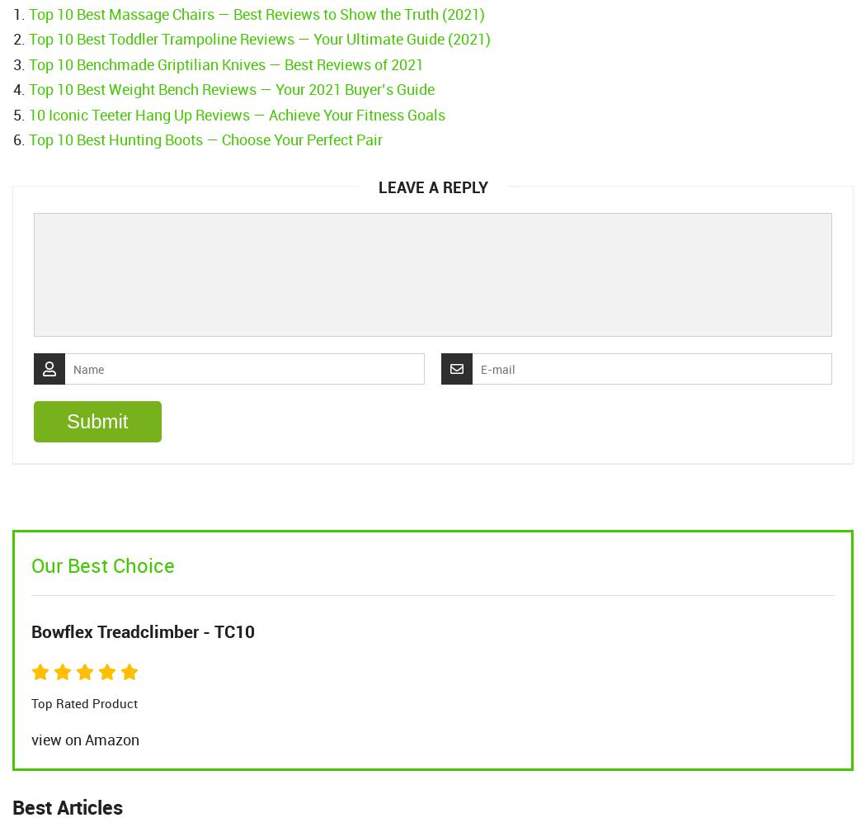 This screenshot has height=832, width=866. Describe the element at coordinates (101, 565) in the screenshot. I see `'Our Best Choice'` at that location.